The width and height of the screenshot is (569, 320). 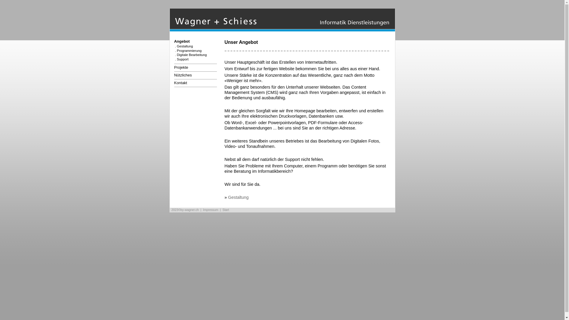 I want to click on '. Programmierung', so click(x=187, y=50).